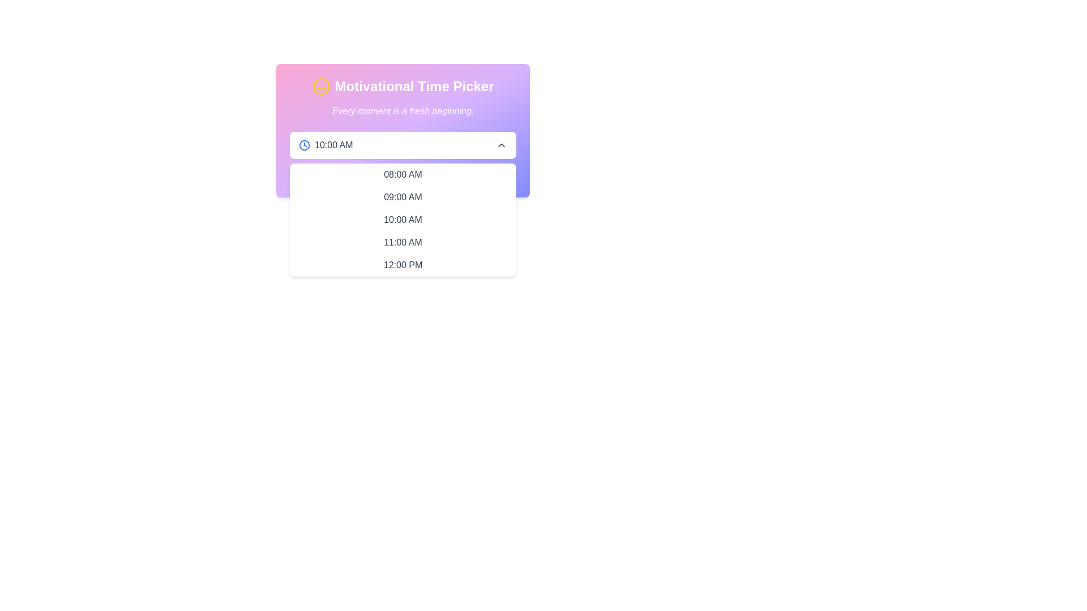 The width and height of the screenshot is (1087, 611). I want to click on the motivational quote text block located below the title 'Motivational Time Picker' and above the time picker dropdown interface, so click(403, 111).